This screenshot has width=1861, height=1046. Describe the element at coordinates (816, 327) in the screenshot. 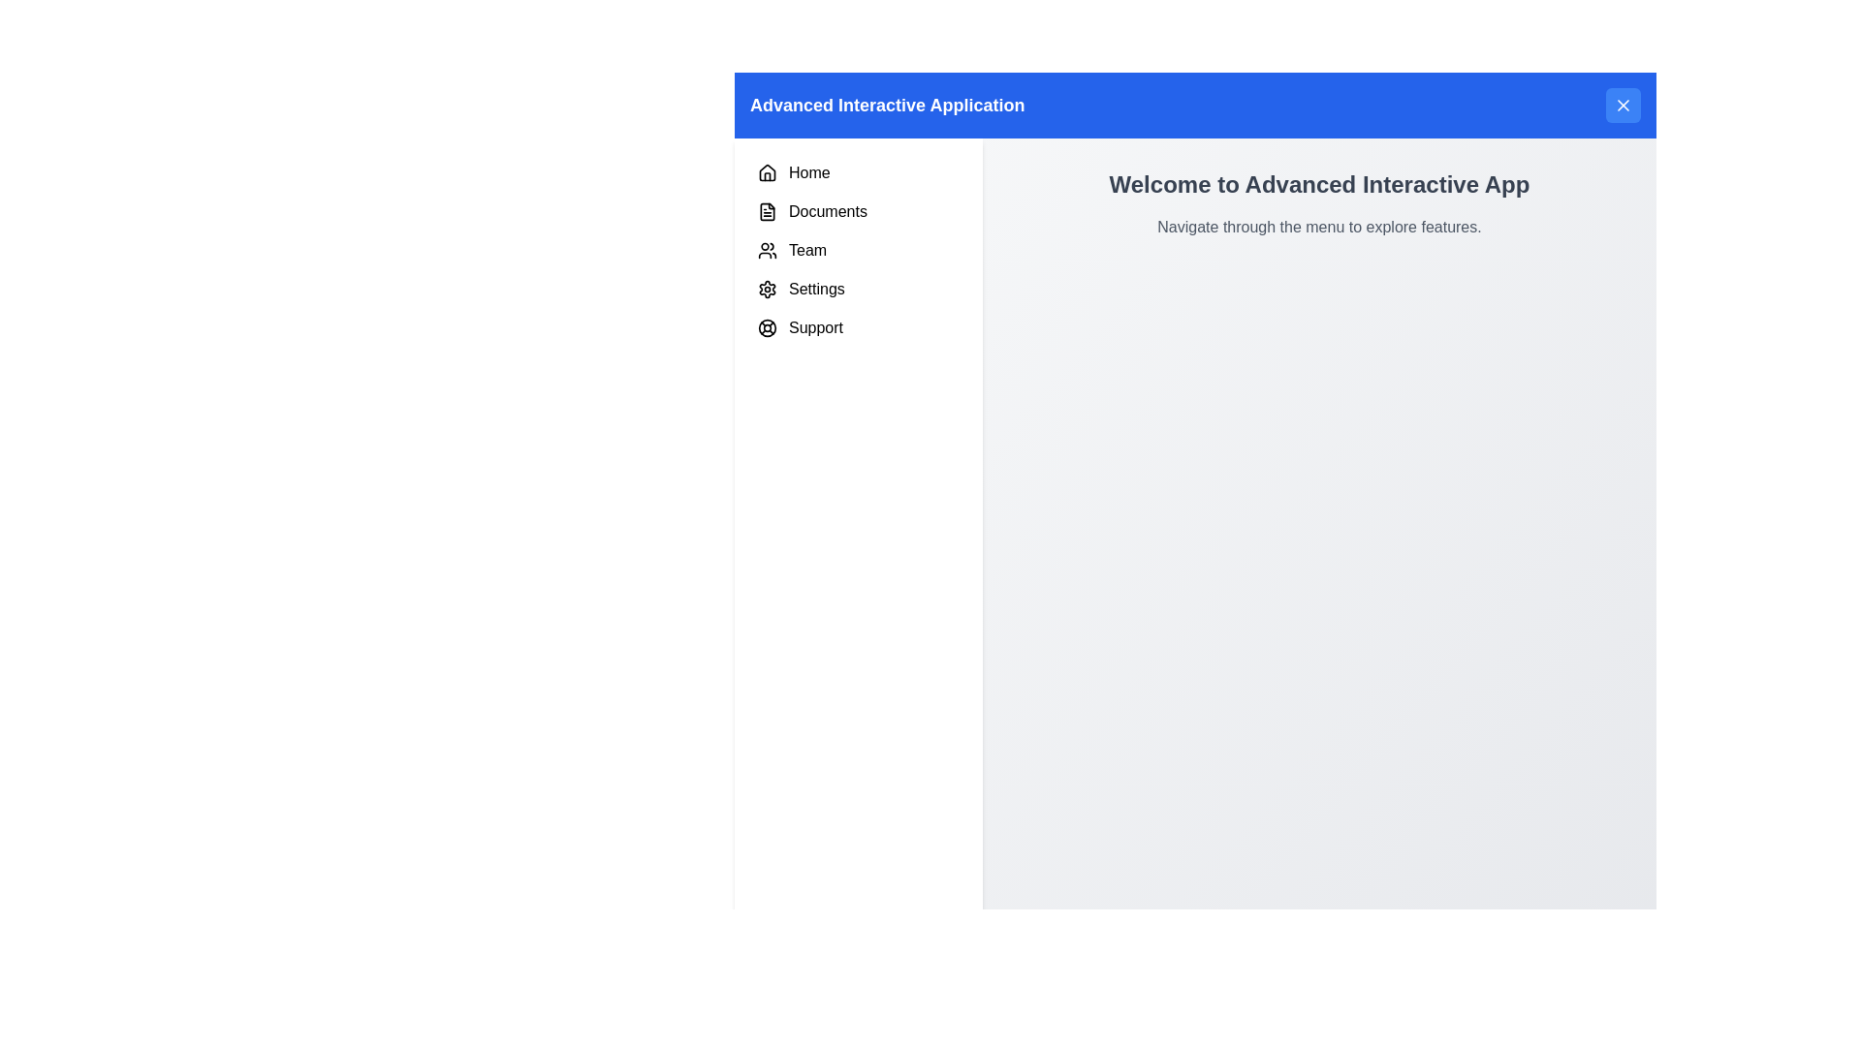

I see `the non-interactive text label 'Support' located at the bottom of the sidebar menu, directly below the 'Settings' label` at that location.